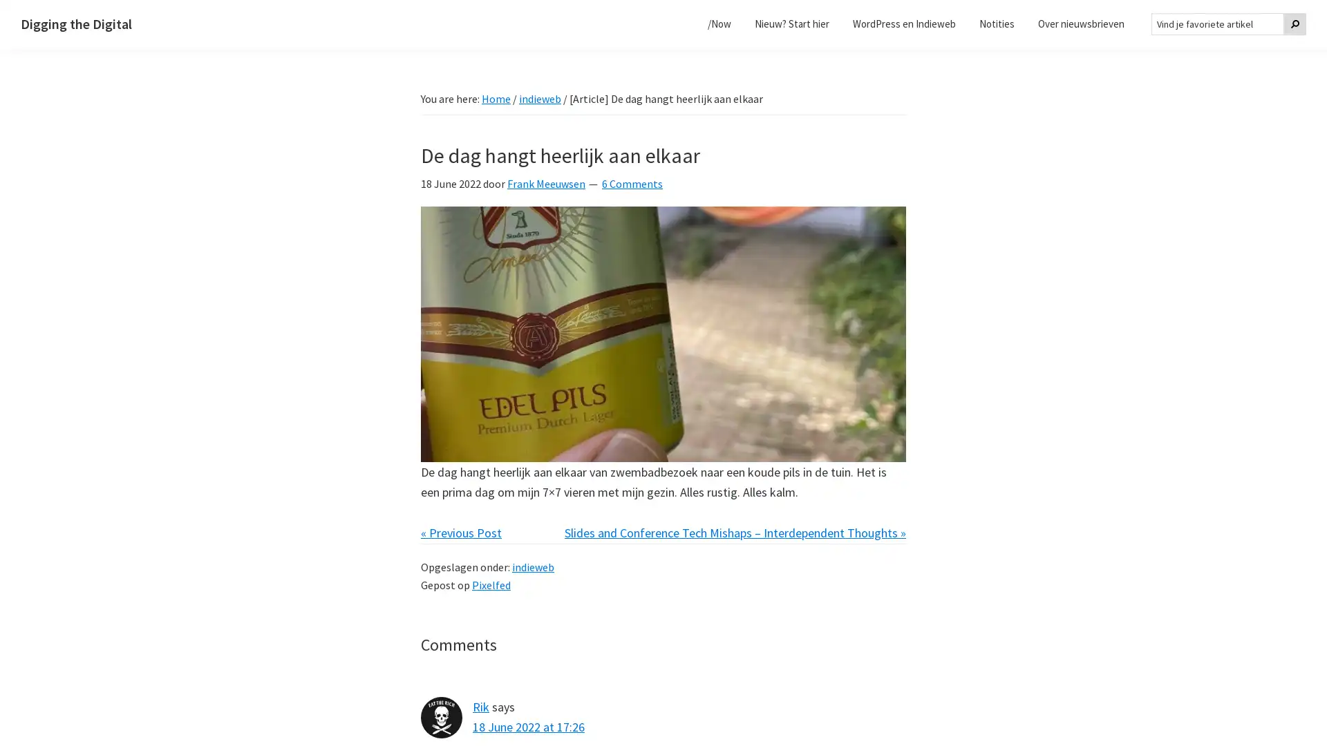 Image resolution: width=1327 pixels, height=746 pixels. Describe the element at coordinates (1294, 23) in the screenshot. I see `Search` at that location.